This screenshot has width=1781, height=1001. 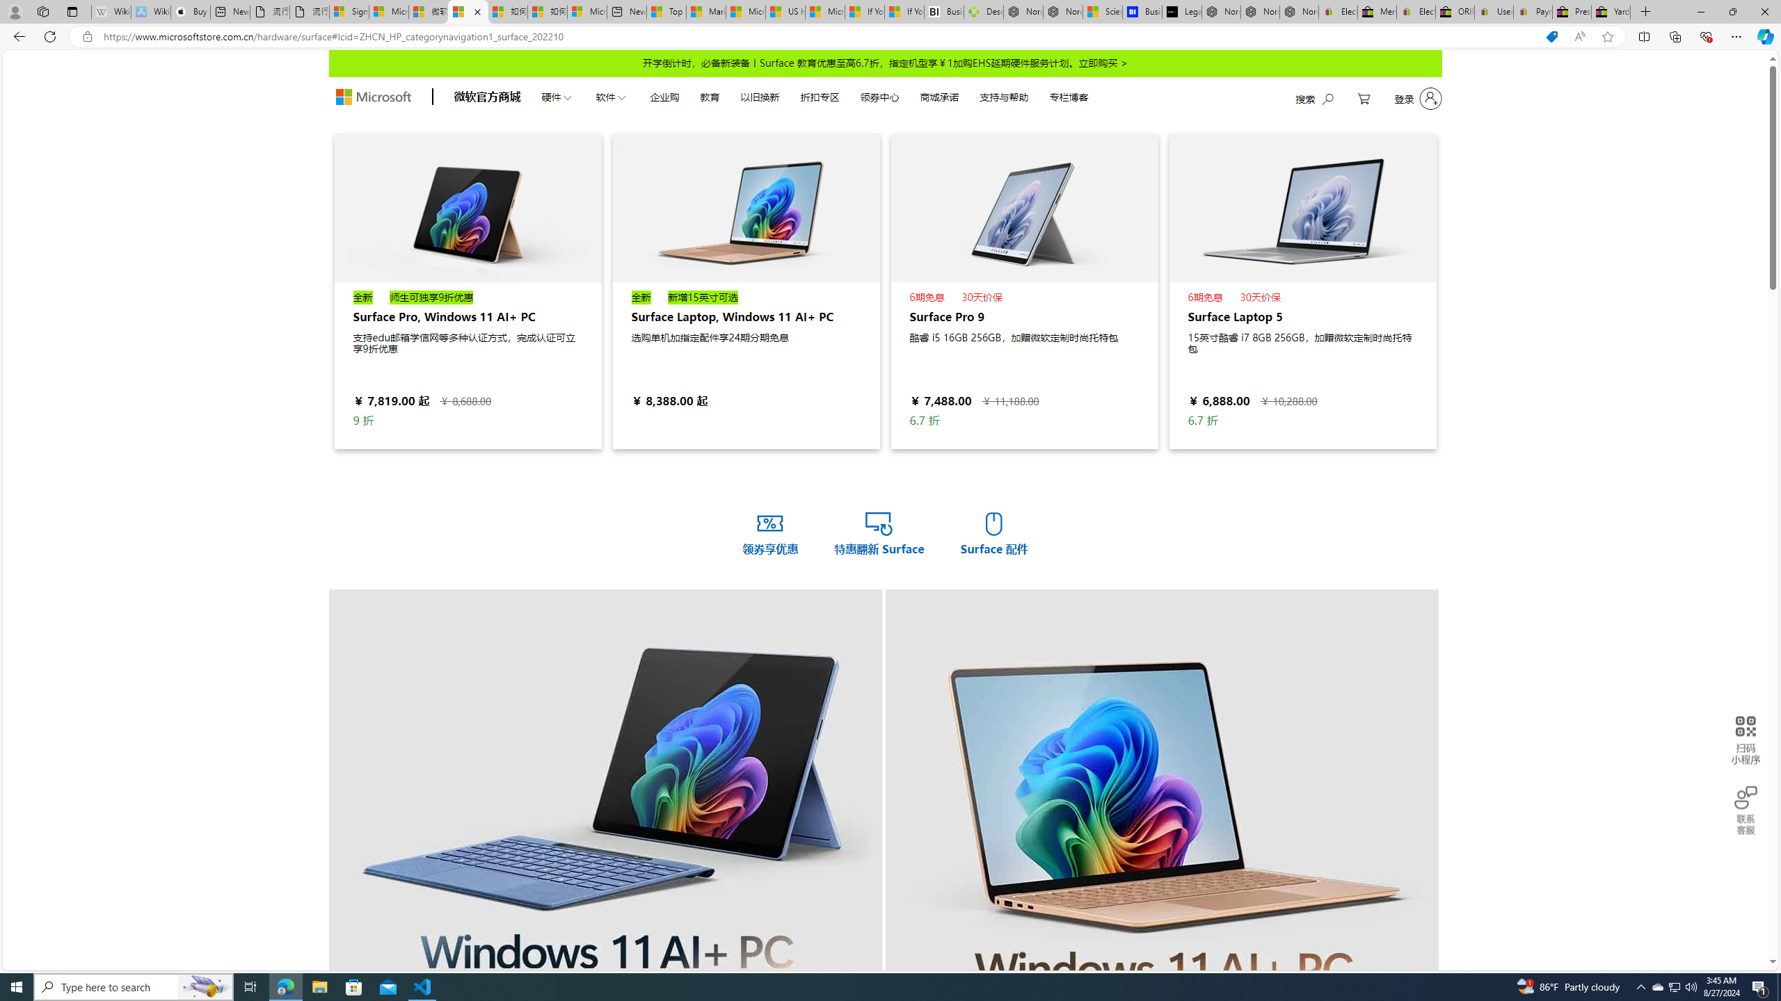 I want to click on 'Add this page to favorites (Ctrl+D)', so click(x=1608, y=37).